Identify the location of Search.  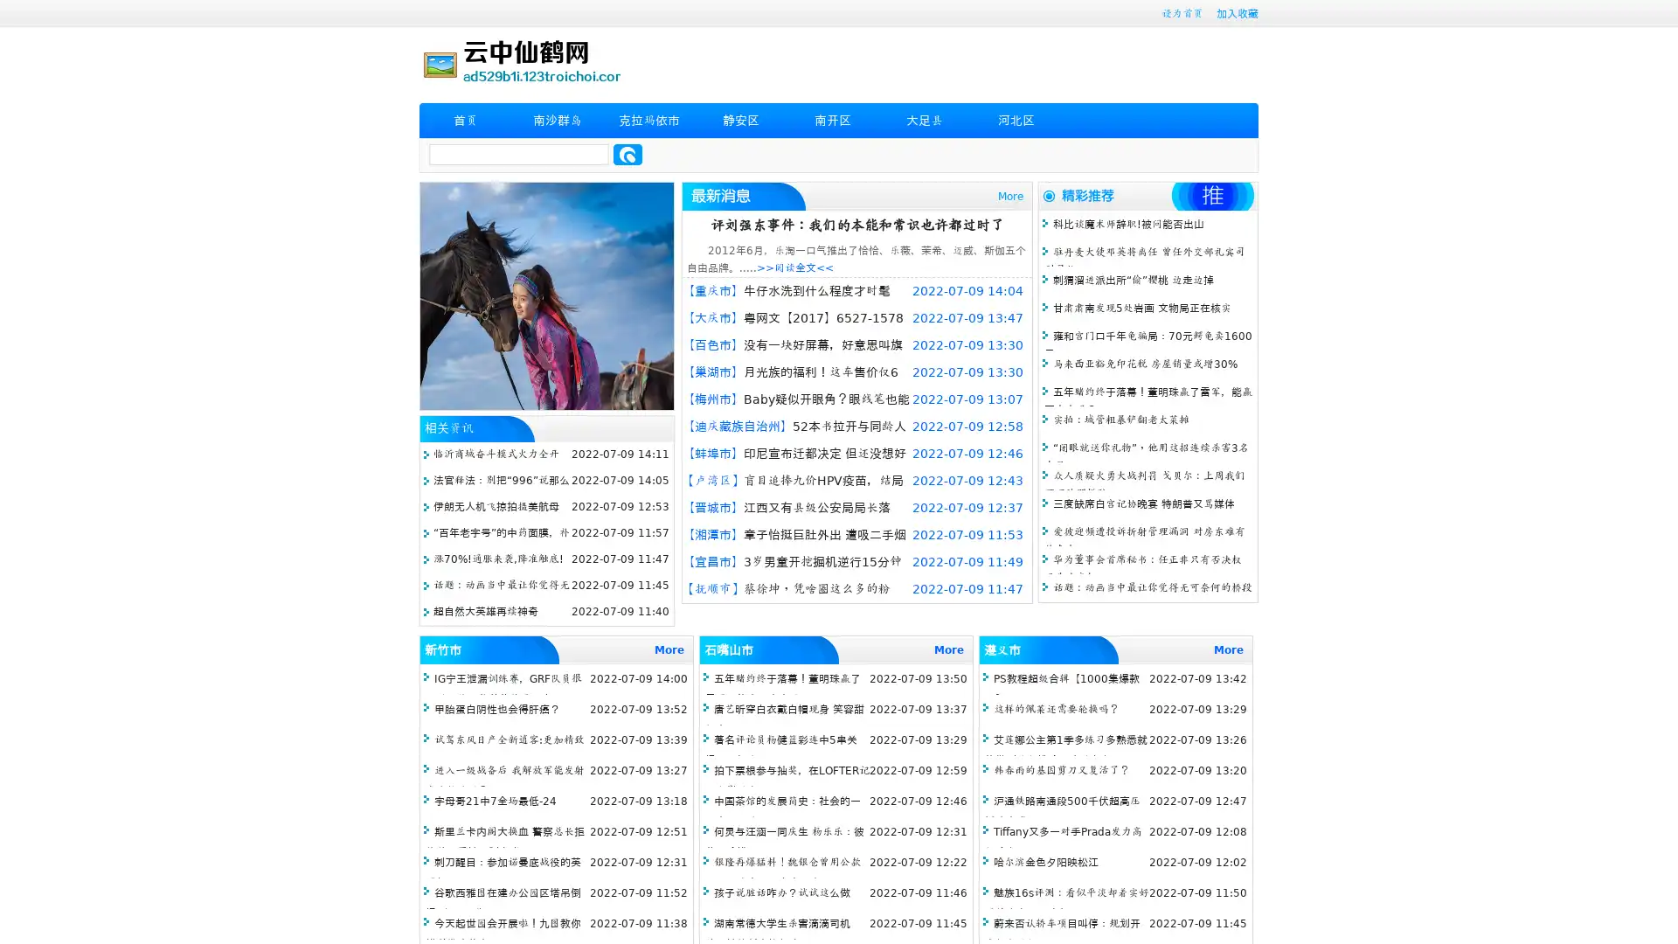
(628, 154).